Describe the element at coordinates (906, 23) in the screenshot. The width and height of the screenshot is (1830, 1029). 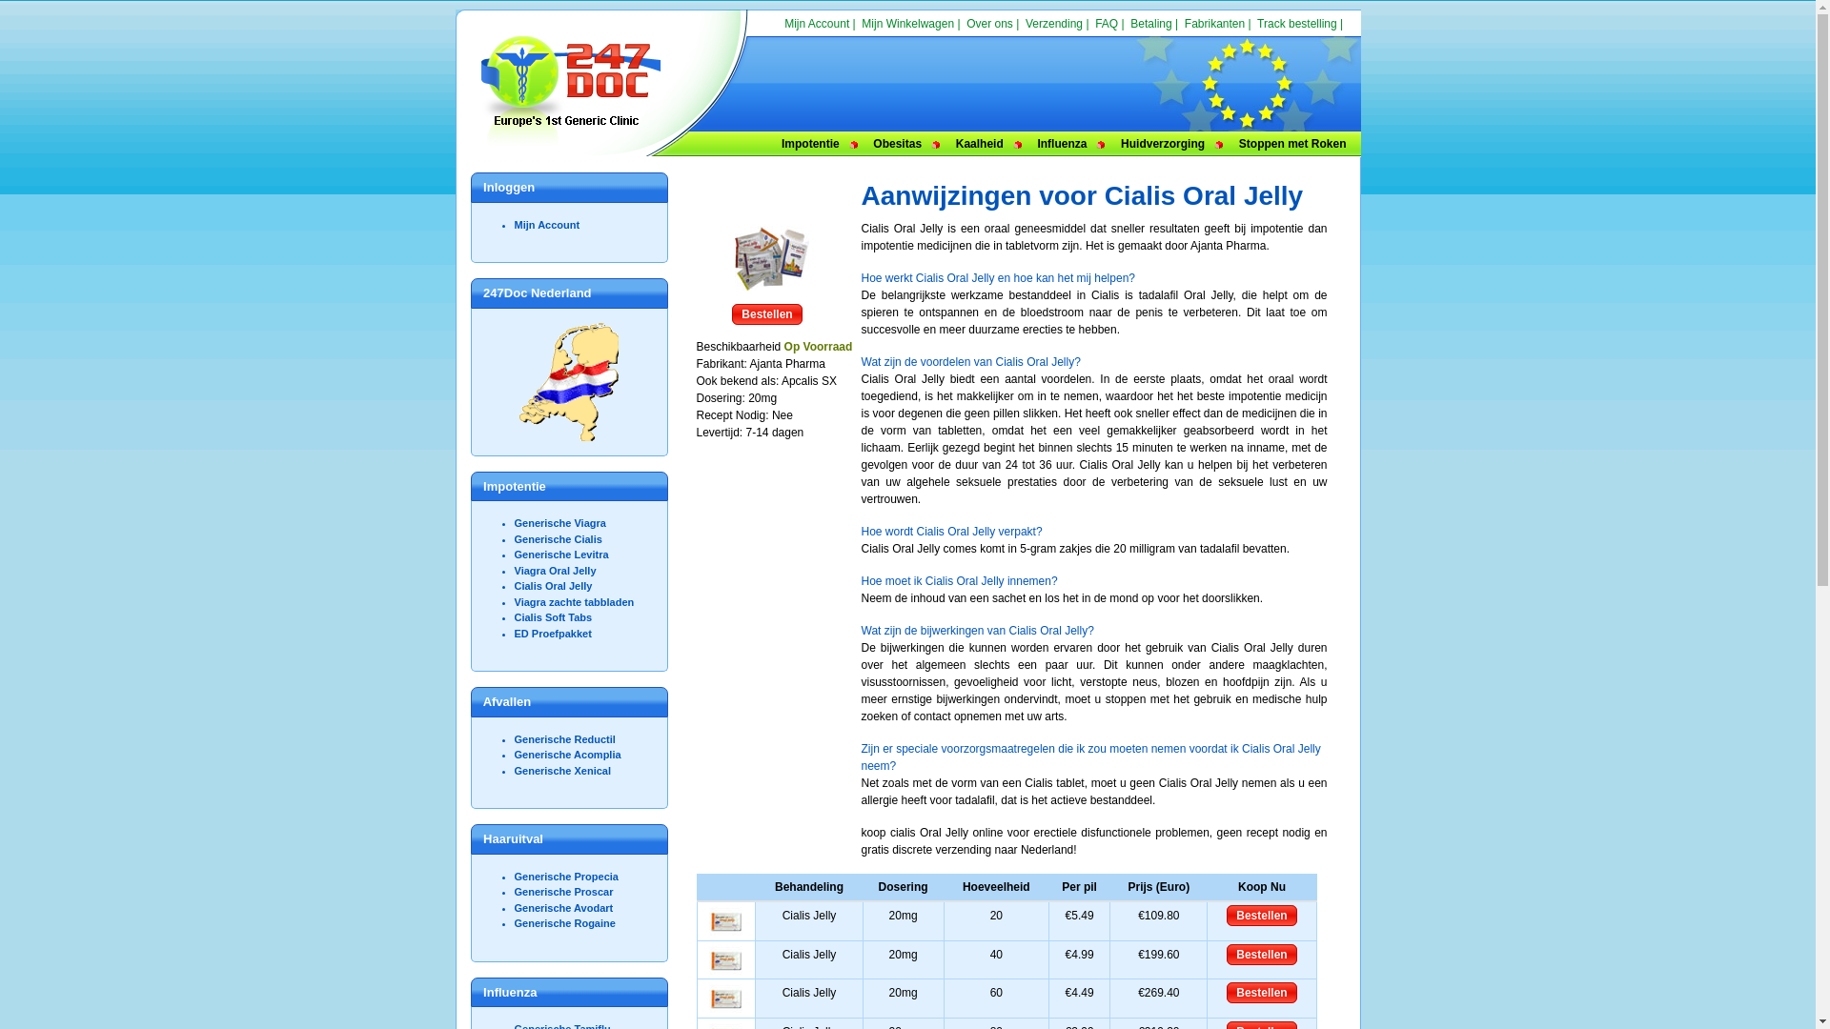
I see `'Mijn Winkelwagen'` at that location.